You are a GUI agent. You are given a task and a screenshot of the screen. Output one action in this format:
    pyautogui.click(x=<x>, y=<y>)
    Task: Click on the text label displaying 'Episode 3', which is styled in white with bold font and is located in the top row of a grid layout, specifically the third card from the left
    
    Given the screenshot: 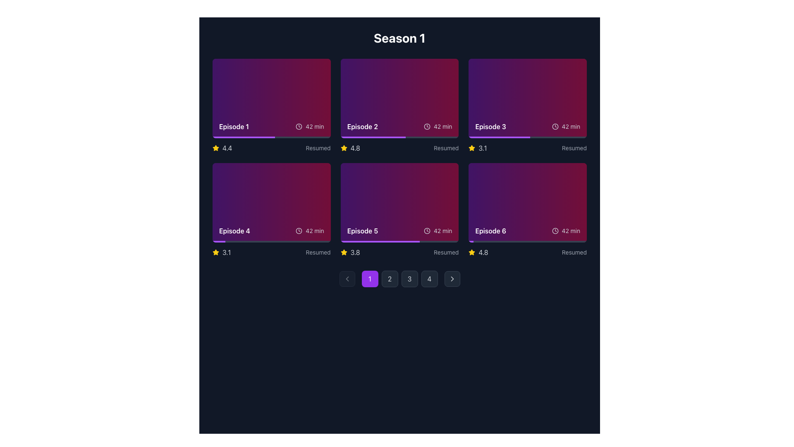 What is the action you would take?
    pyautogui.click(x=490, y=126)
    